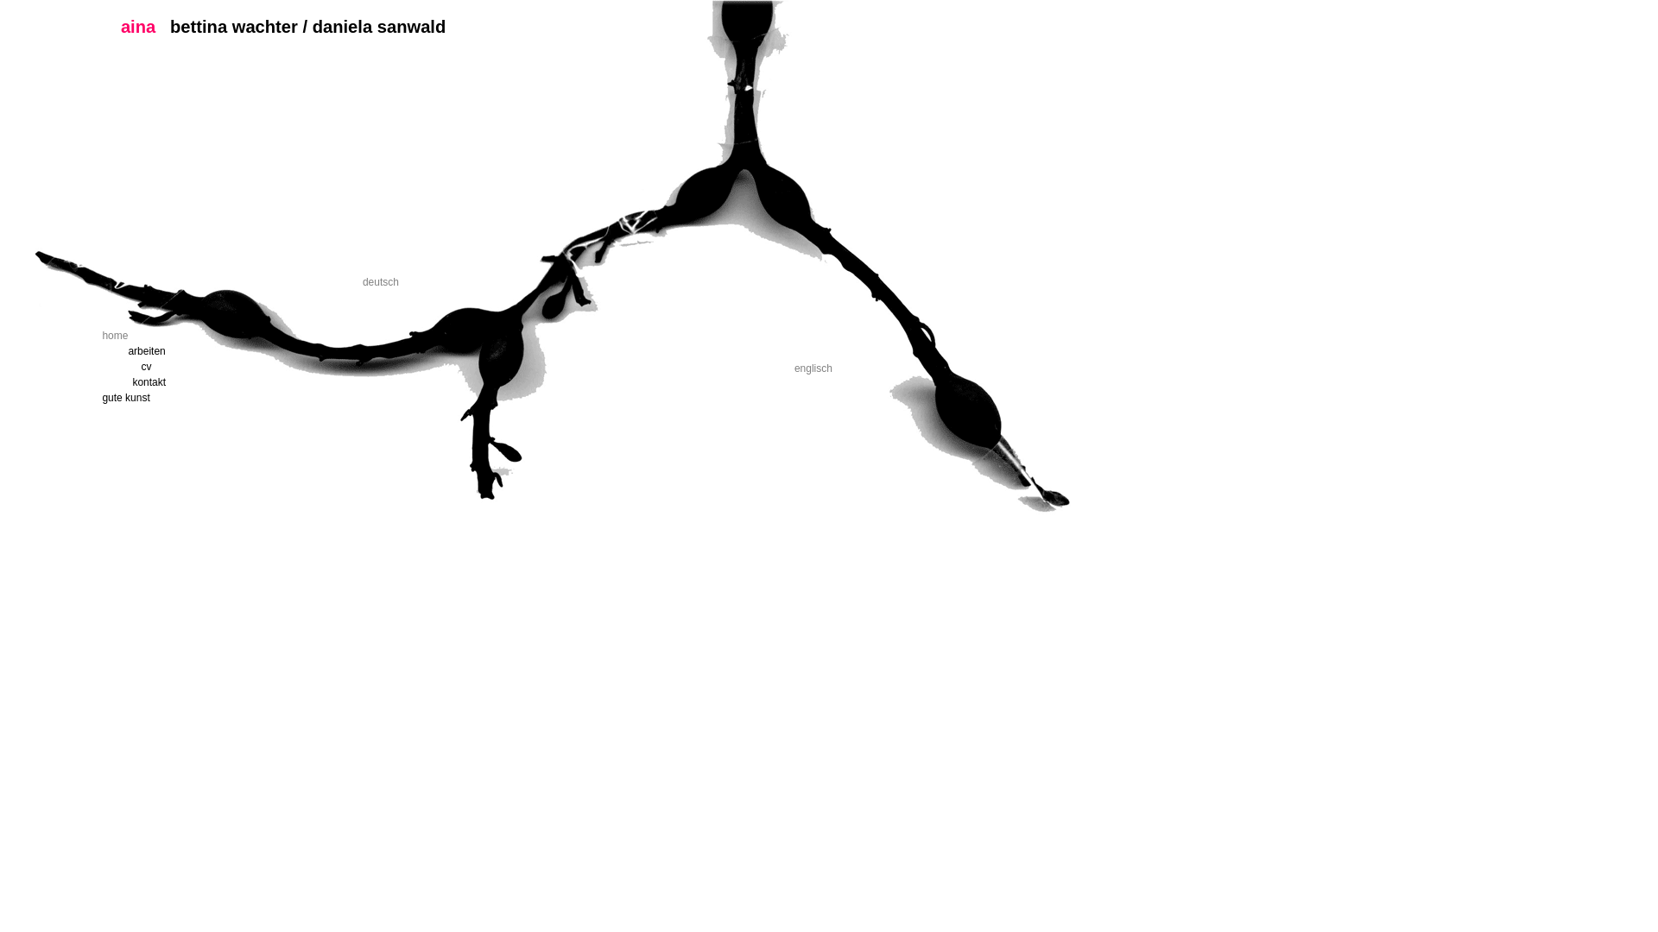 The height and width of the screenshot is (932, 1658). What do you see at coordinates (210, 381) in the screenshot?
I see `'kontakt'` at bounding box center [210, 381].